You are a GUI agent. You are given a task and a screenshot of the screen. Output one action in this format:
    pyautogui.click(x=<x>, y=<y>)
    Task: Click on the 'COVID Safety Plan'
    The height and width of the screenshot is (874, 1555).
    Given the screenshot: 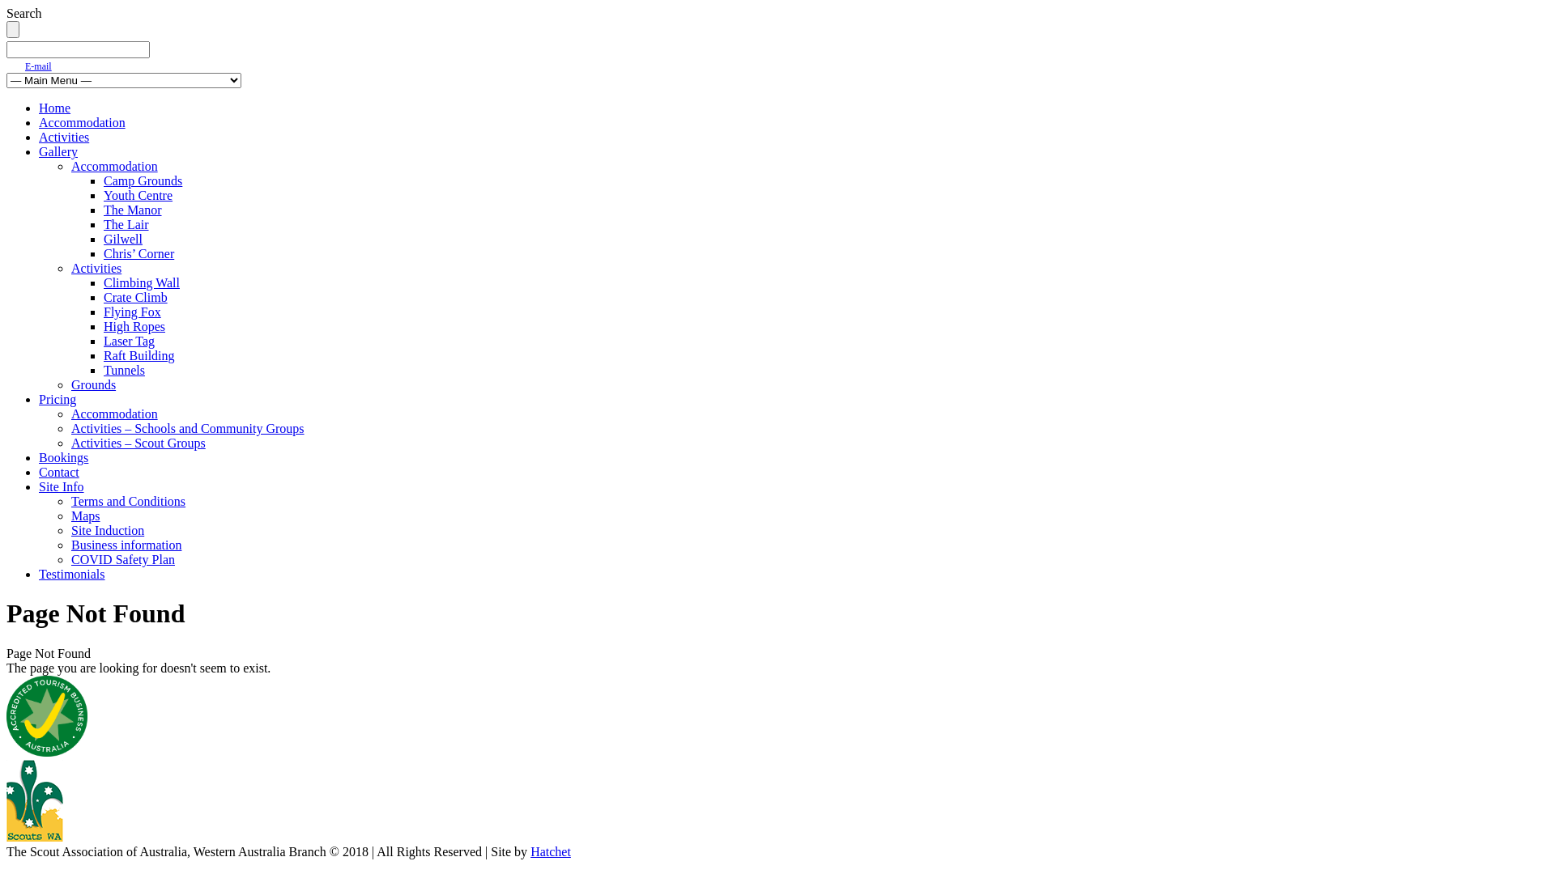 What is the action you would take?
    pyautogui.click(x=122, y=558)
    